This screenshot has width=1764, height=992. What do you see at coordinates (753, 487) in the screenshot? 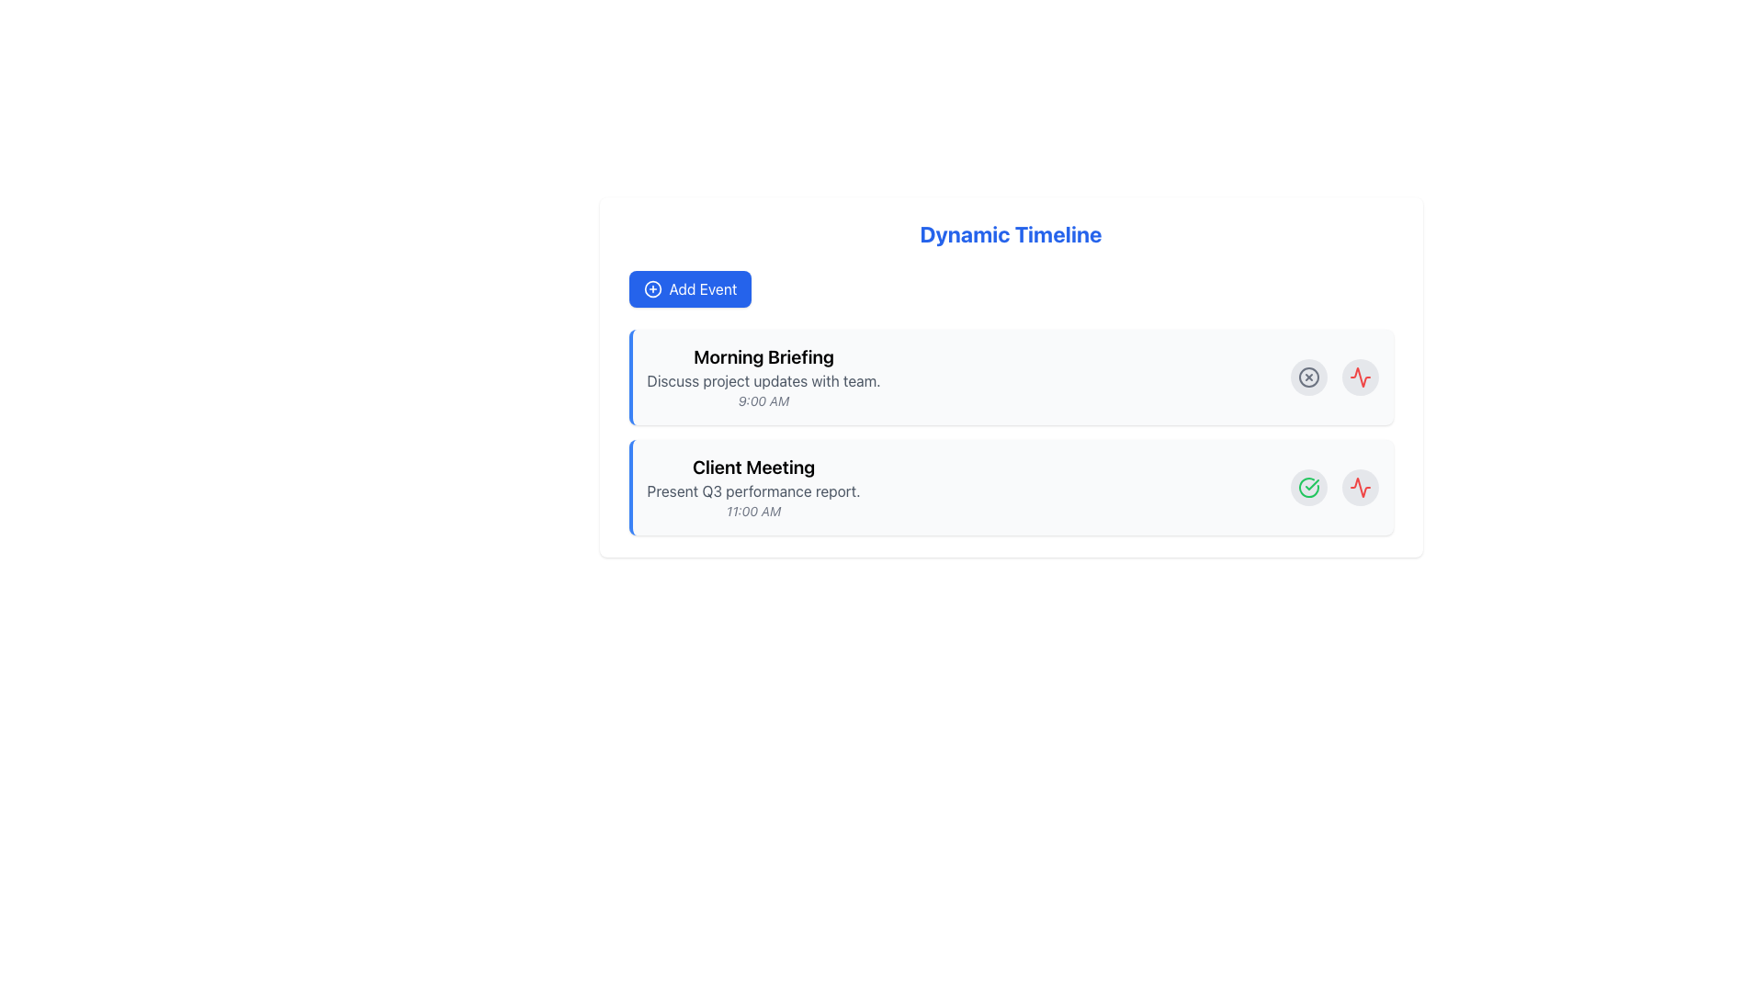
I see `the Textual Display with Combined Typography that includes the heading 'Client Meeting', description 'Present Q3 performance report.', and time '11:00 AM'. It is the second event item in the vertical timeline under 'Dynamic Timeline'` at bounding box center [753, 487].